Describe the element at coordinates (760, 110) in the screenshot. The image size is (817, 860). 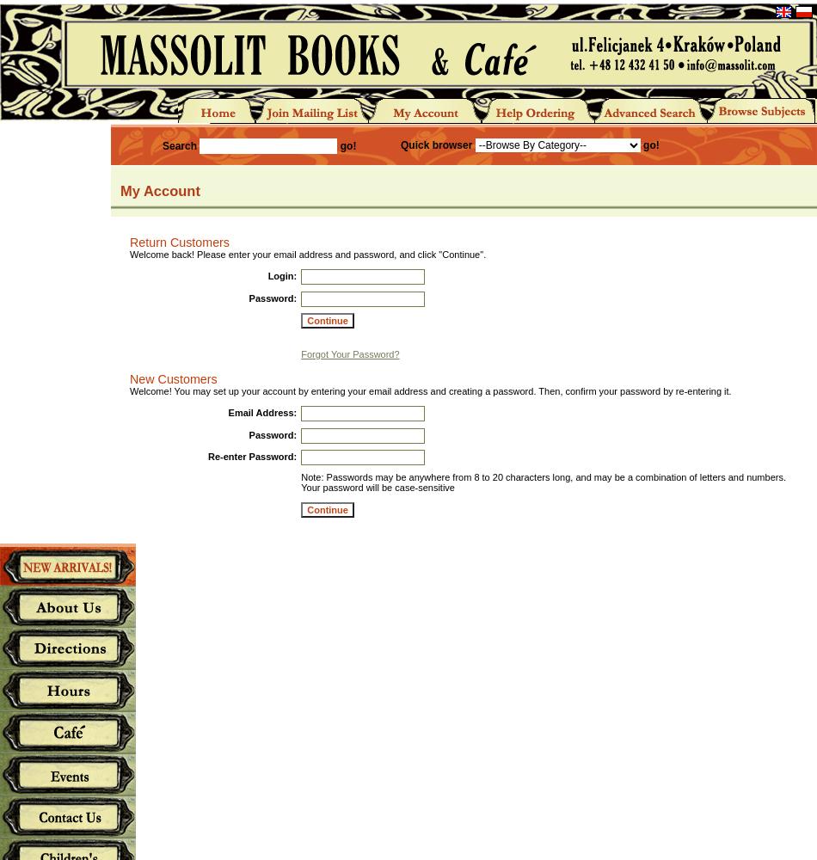
I see `'Browse subjects'` at that location.